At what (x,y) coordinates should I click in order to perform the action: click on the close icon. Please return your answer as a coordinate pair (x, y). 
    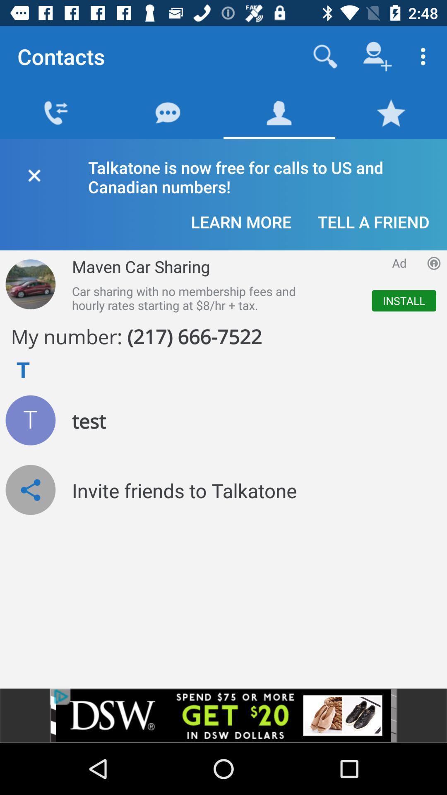
    Looking at the image, I should click on (34, 173).